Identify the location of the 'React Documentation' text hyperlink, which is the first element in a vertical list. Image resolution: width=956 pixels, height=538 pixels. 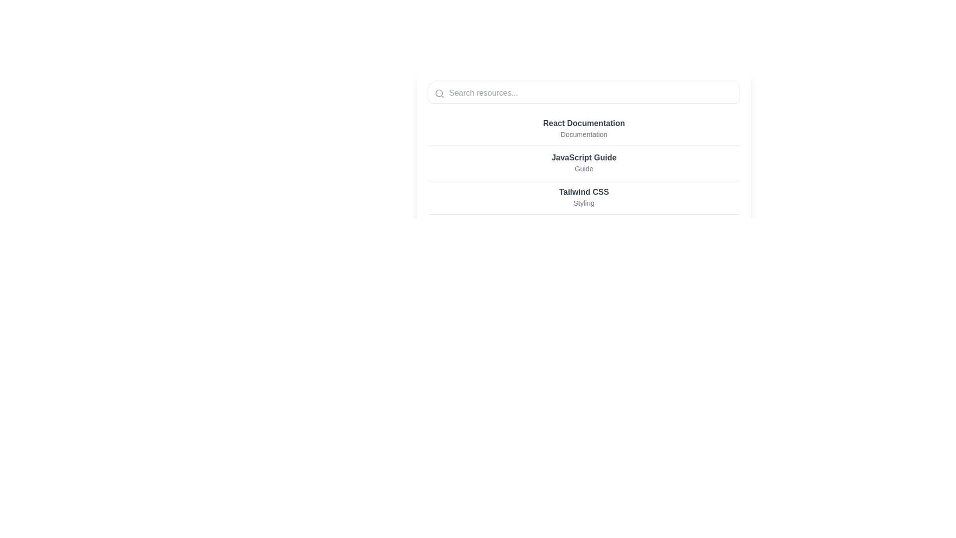
(584, 128).